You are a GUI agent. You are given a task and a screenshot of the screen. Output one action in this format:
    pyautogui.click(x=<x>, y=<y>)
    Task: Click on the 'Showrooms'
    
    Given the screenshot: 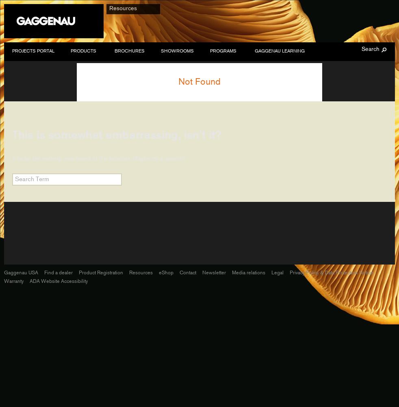 What is the action you would take?
    pyautogui.click(x=161, y=51)
    